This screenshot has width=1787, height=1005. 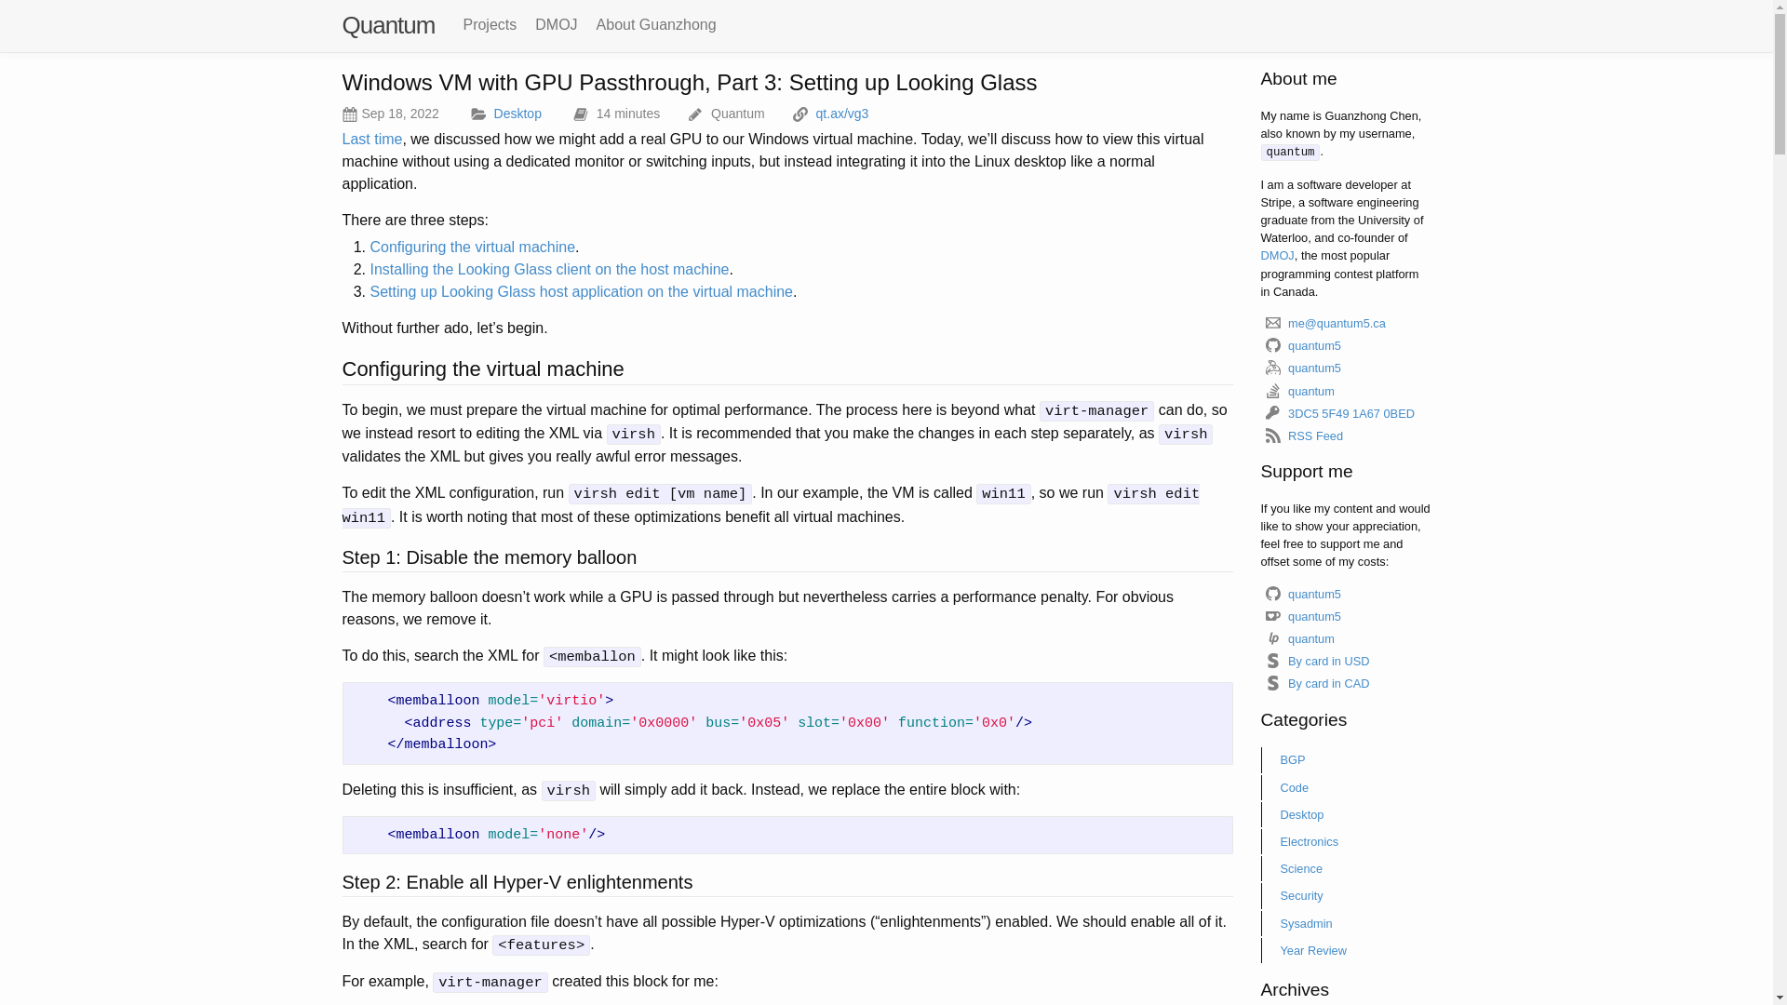 What do you see at coordinates (841, 114) in the screenshot?
I see `'qt.ax/vg3'` at bounding box center [841, 114].